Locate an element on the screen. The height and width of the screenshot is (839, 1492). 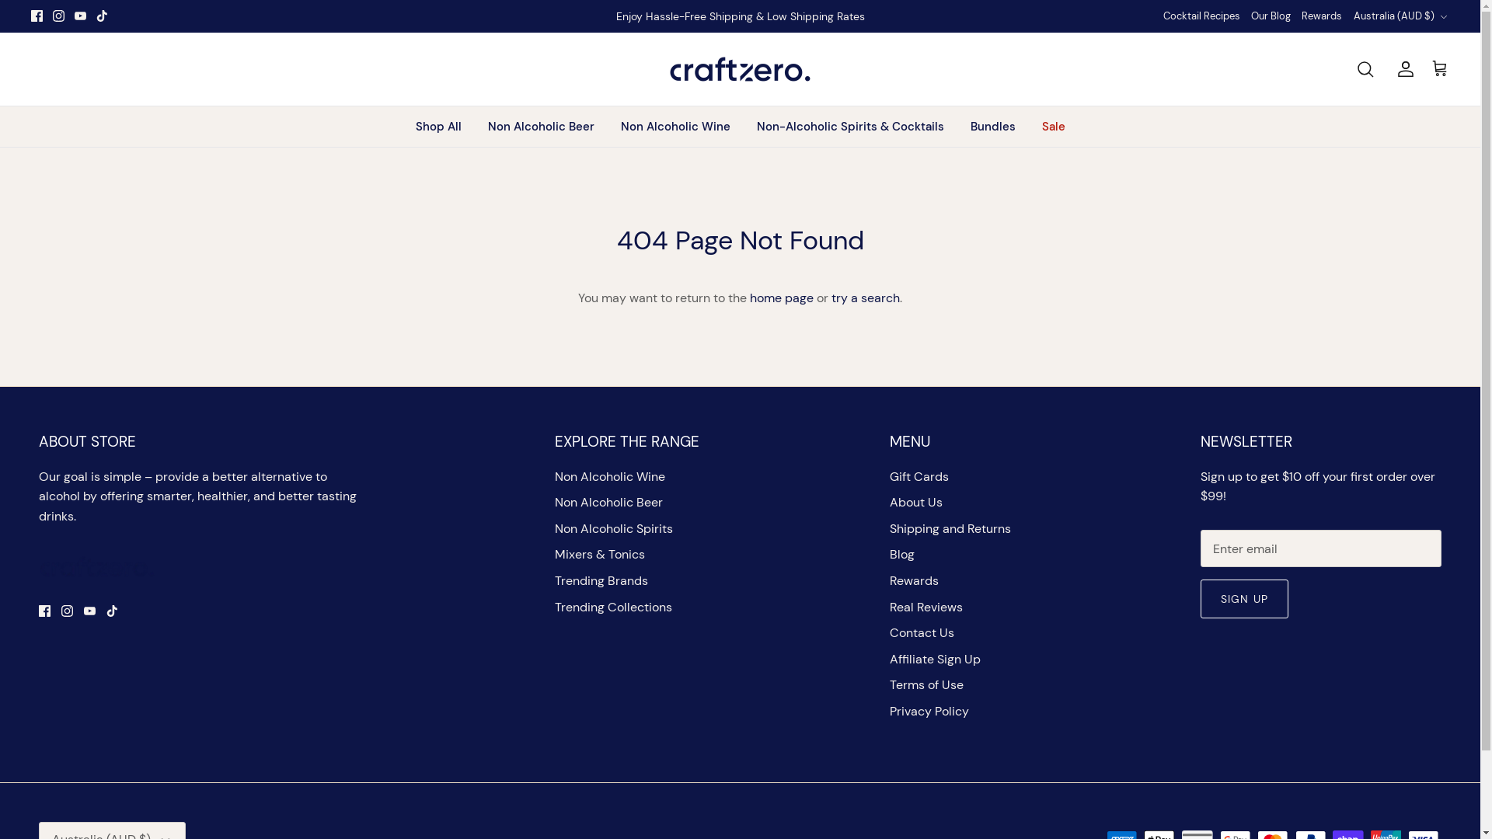
'Terms of Use' is located at coordinates (926, 684).